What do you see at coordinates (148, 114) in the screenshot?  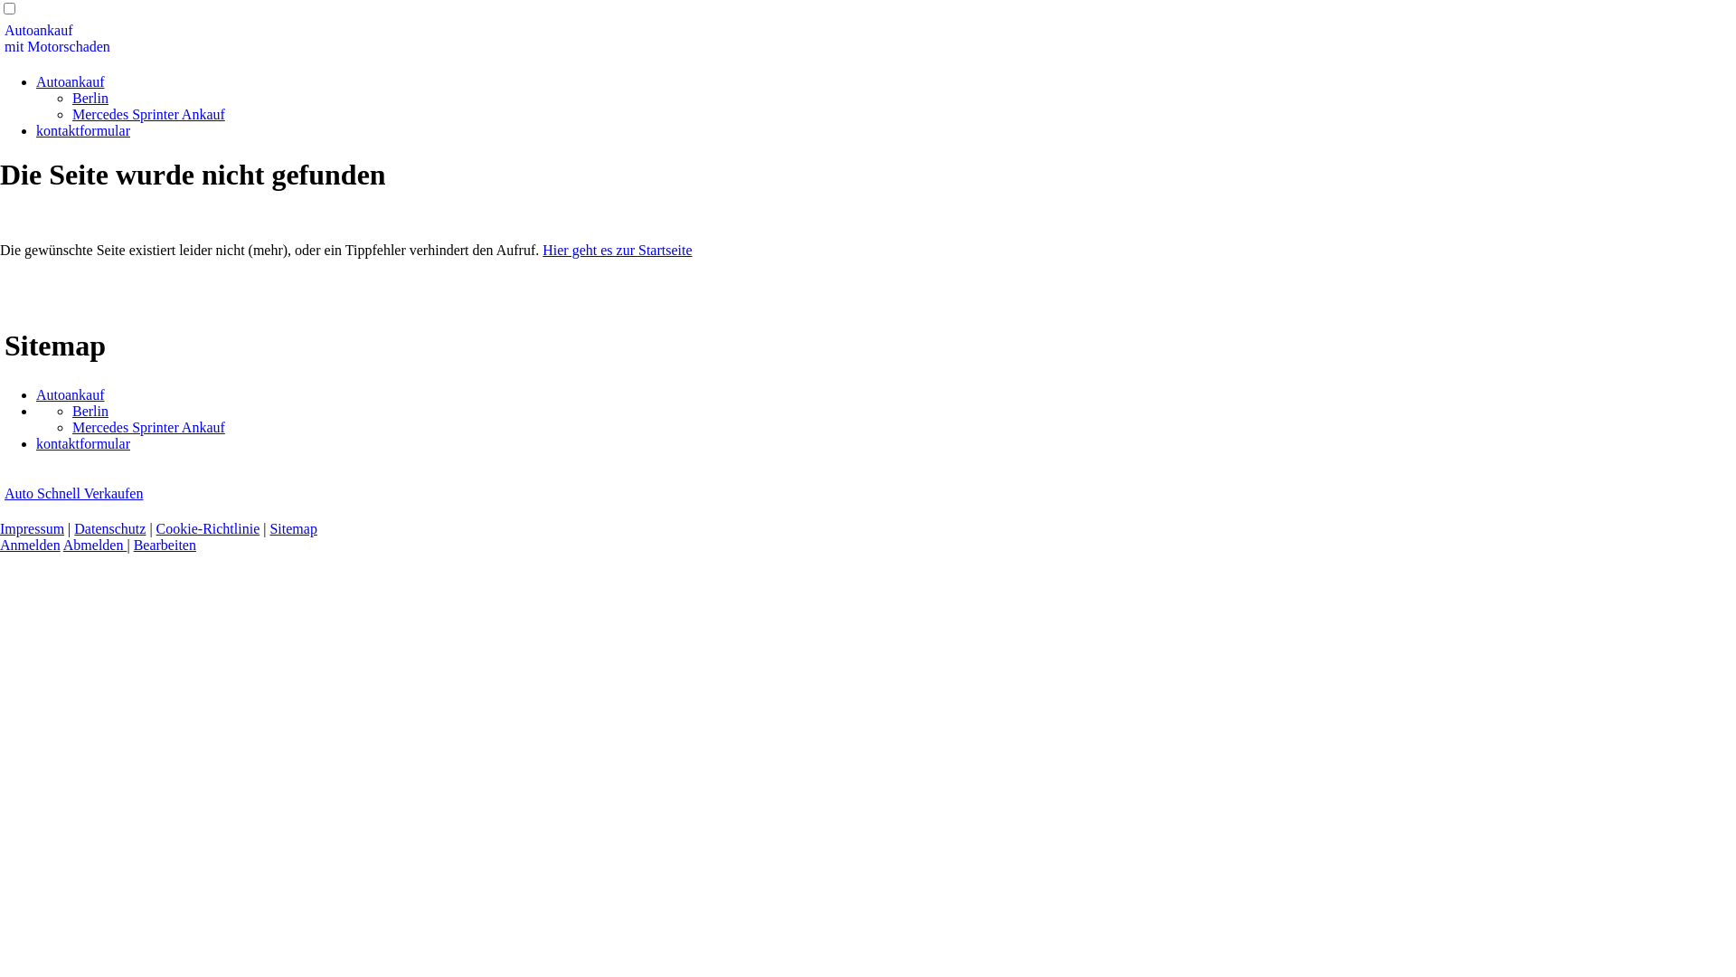 I see `'Mercedes Sprinter Ankauf'` at bounding box center [148, 114].